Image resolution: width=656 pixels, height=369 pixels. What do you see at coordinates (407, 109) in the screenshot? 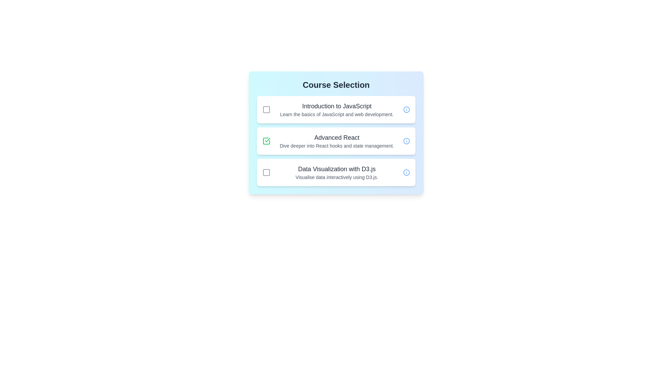
I see `the 'Info' icon next to the course titled 'Introduction to JavaScript' to view its information` at bounding box center [407, 109].